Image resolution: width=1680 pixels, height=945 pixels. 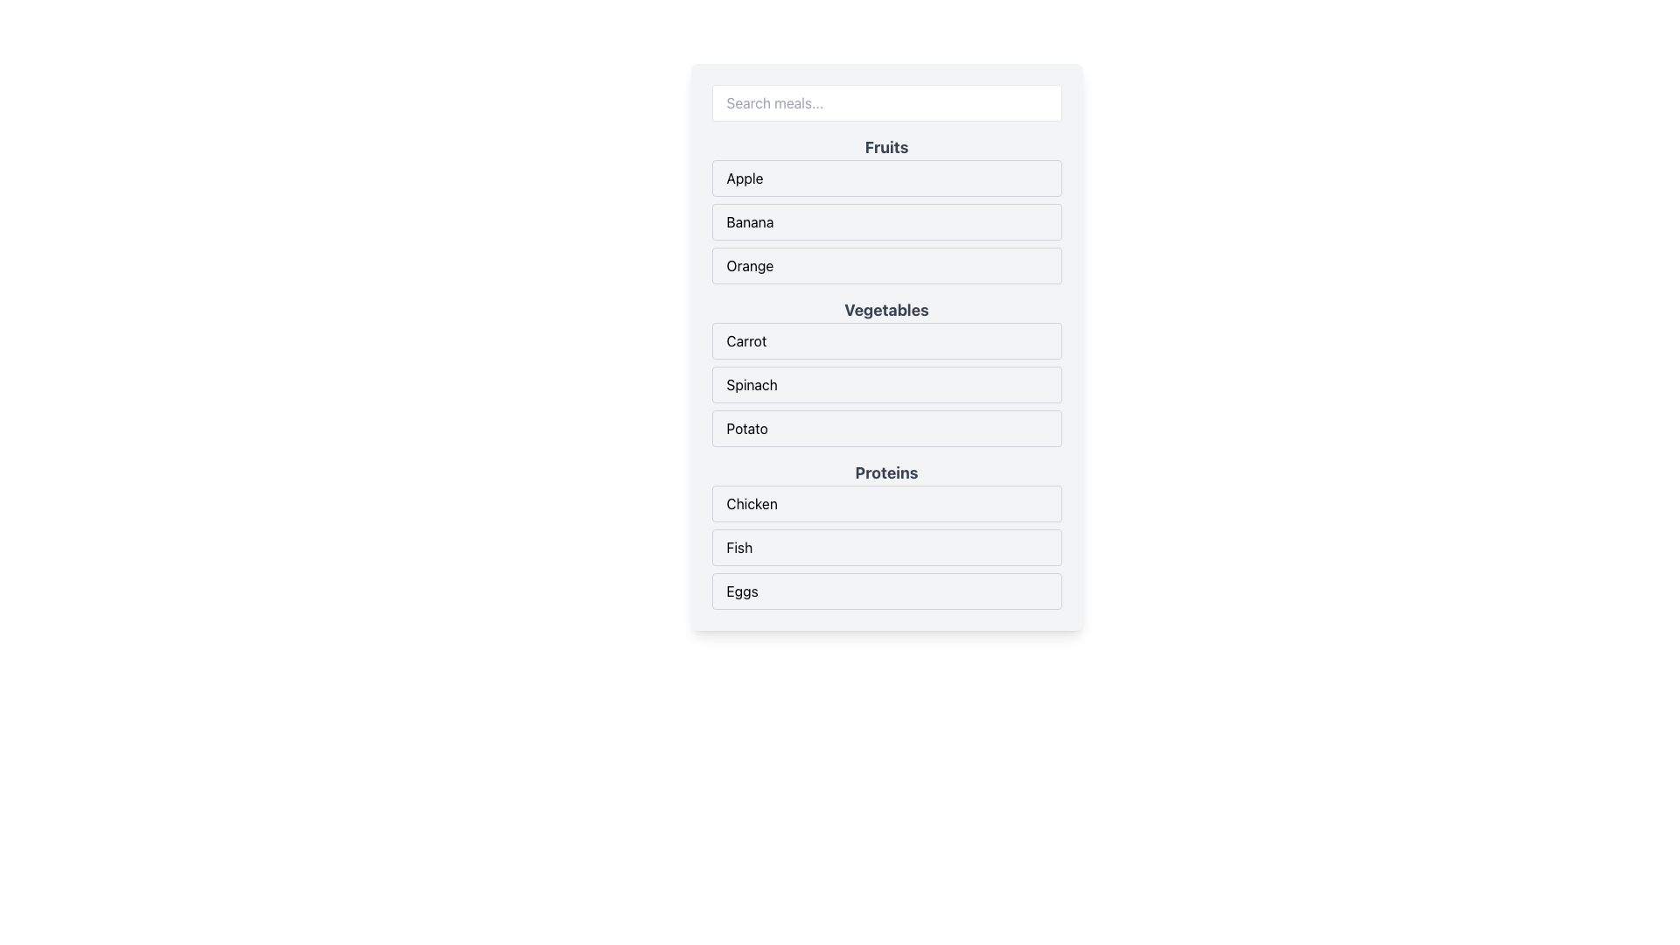 I want to click on the 'Chicken' text label within the 'Proteins' section, so click(x=752, y=503).